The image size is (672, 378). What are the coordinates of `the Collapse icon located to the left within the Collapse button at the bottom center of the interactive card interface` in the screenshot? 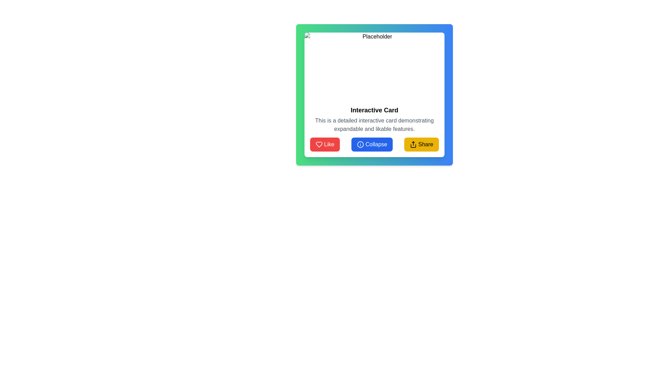 It's located at (360, 144).